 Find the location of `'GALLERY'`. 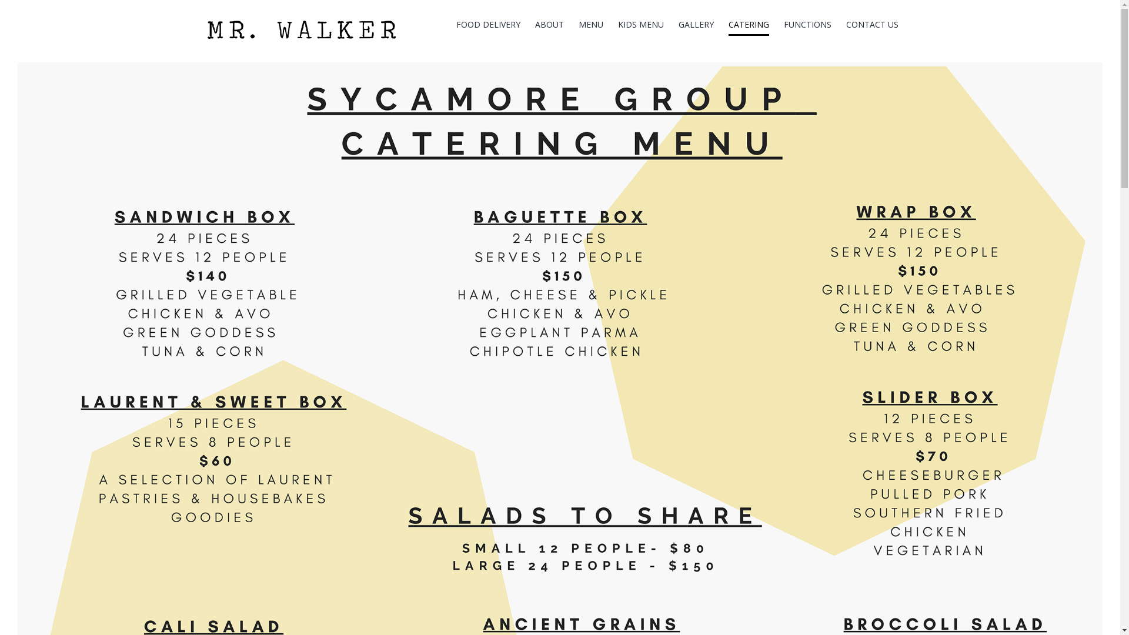

'GALLERY' is located at coordinates (678, 25).